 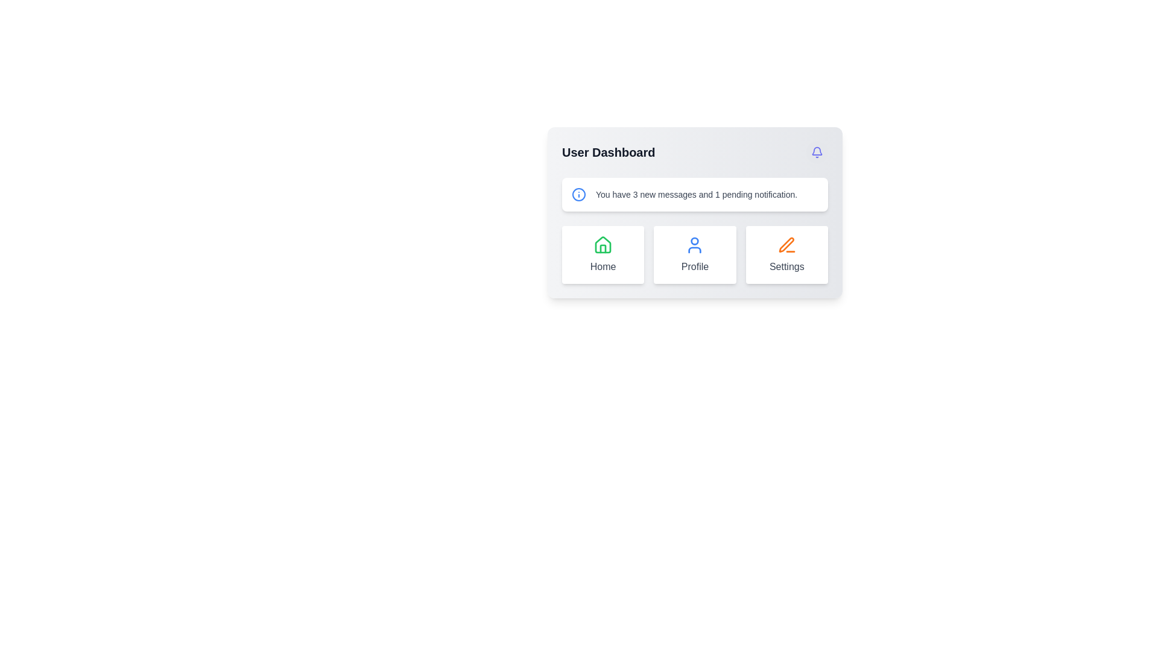 What do you see at coordinates (695, 245) in the screenshot?
I see `the 'Profile' icon centered within its card` at bounding box center [695, 245].